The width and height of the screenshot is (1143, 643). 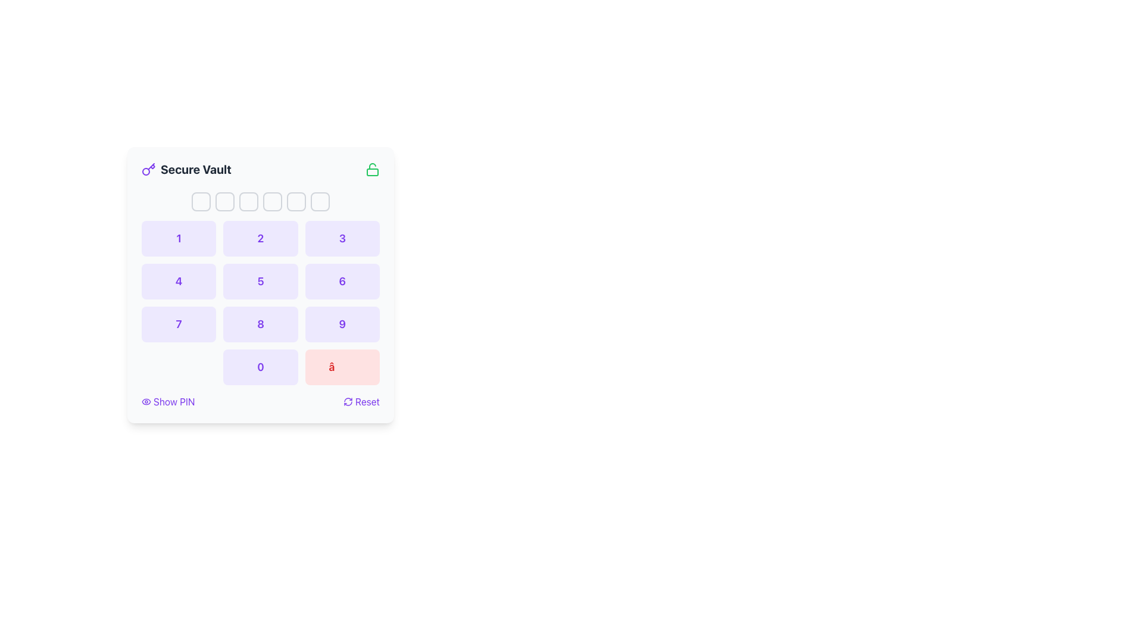 What do you see at coordinates (342, 367) in the screenshot?
I see `the red rectangular button with a left arrow icon` at bounding box center [342, 367].